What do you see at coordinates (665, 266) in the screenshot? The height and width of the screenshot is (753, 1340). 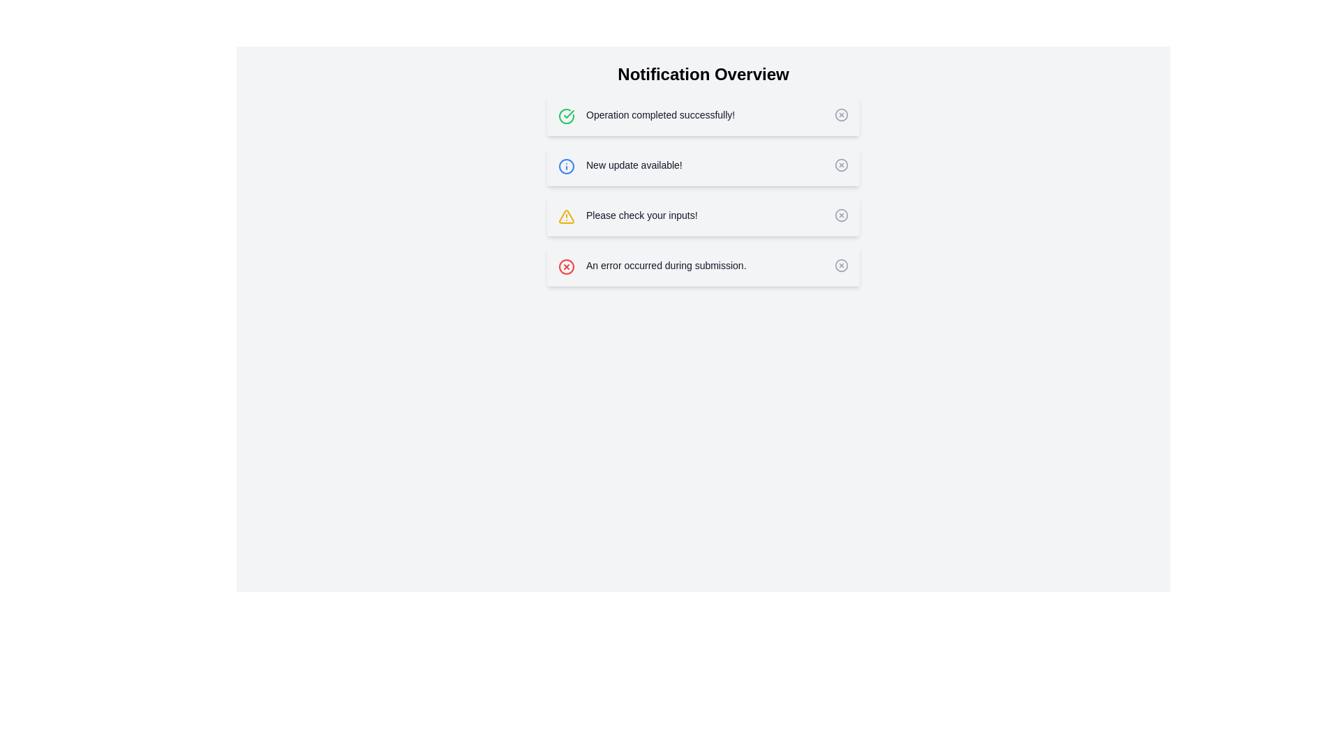 I see `error notification text located in the fourth notification box from the top, positioned between a red circular icon and a close button` at bounding box center [665, 266].